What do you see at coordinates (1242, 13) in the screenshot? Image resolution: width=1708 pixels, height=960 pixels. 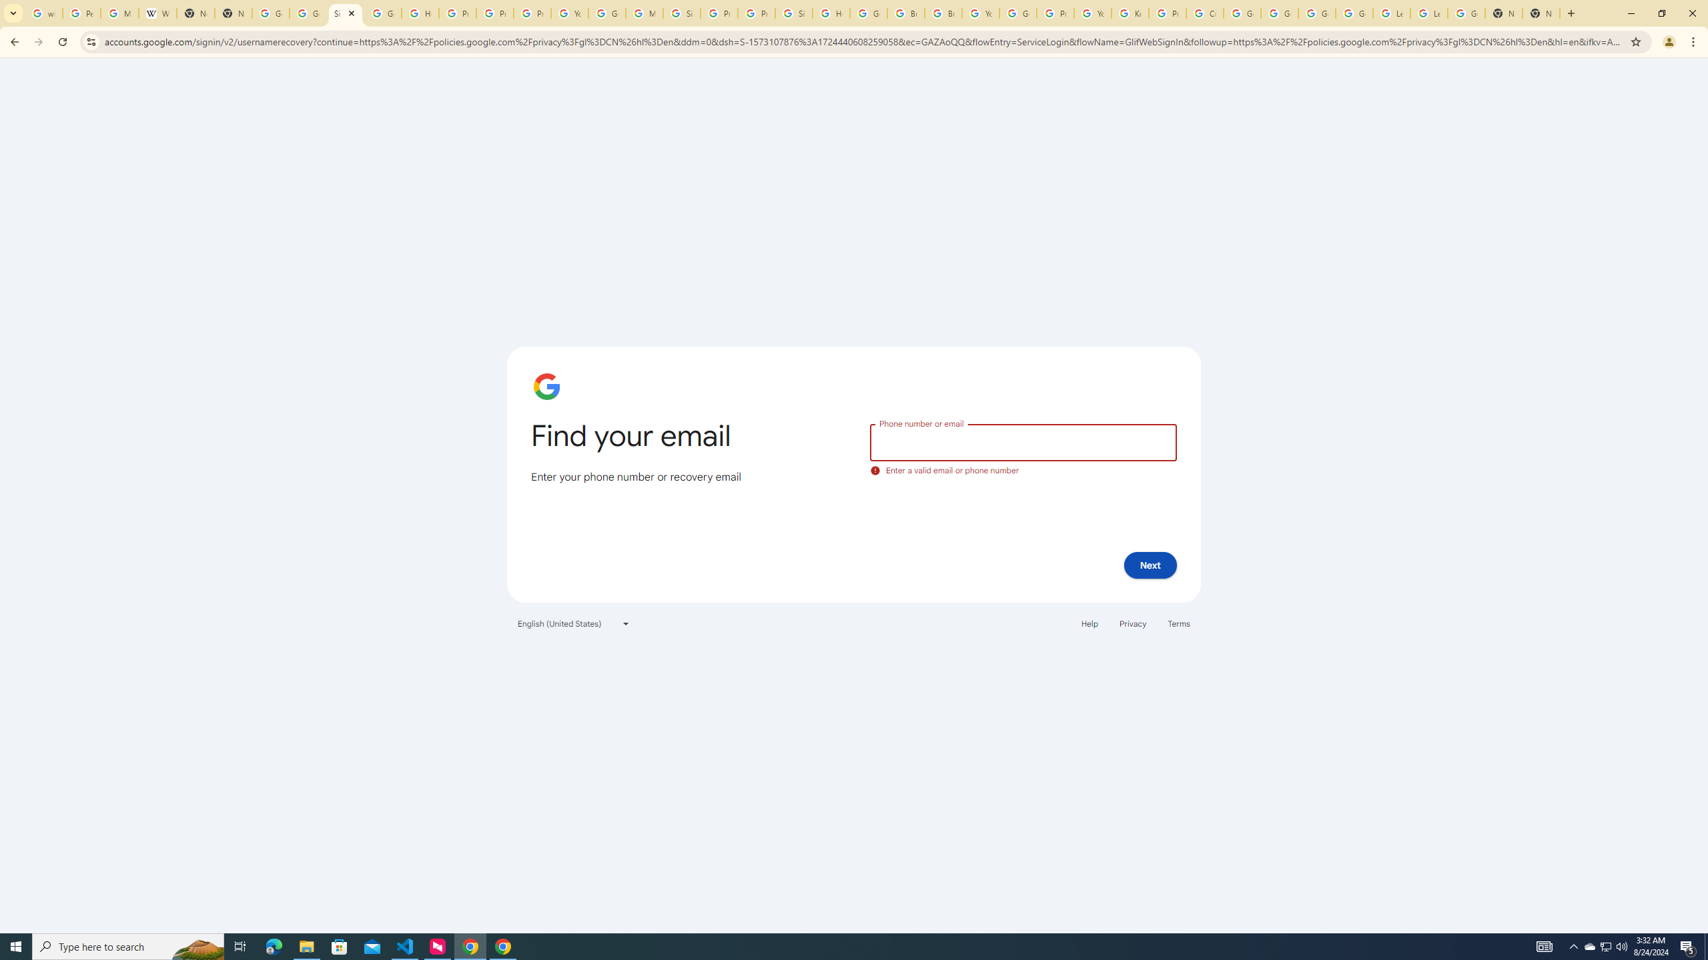 I see `'Google Account Help'` at bounding box center [1242, 13].